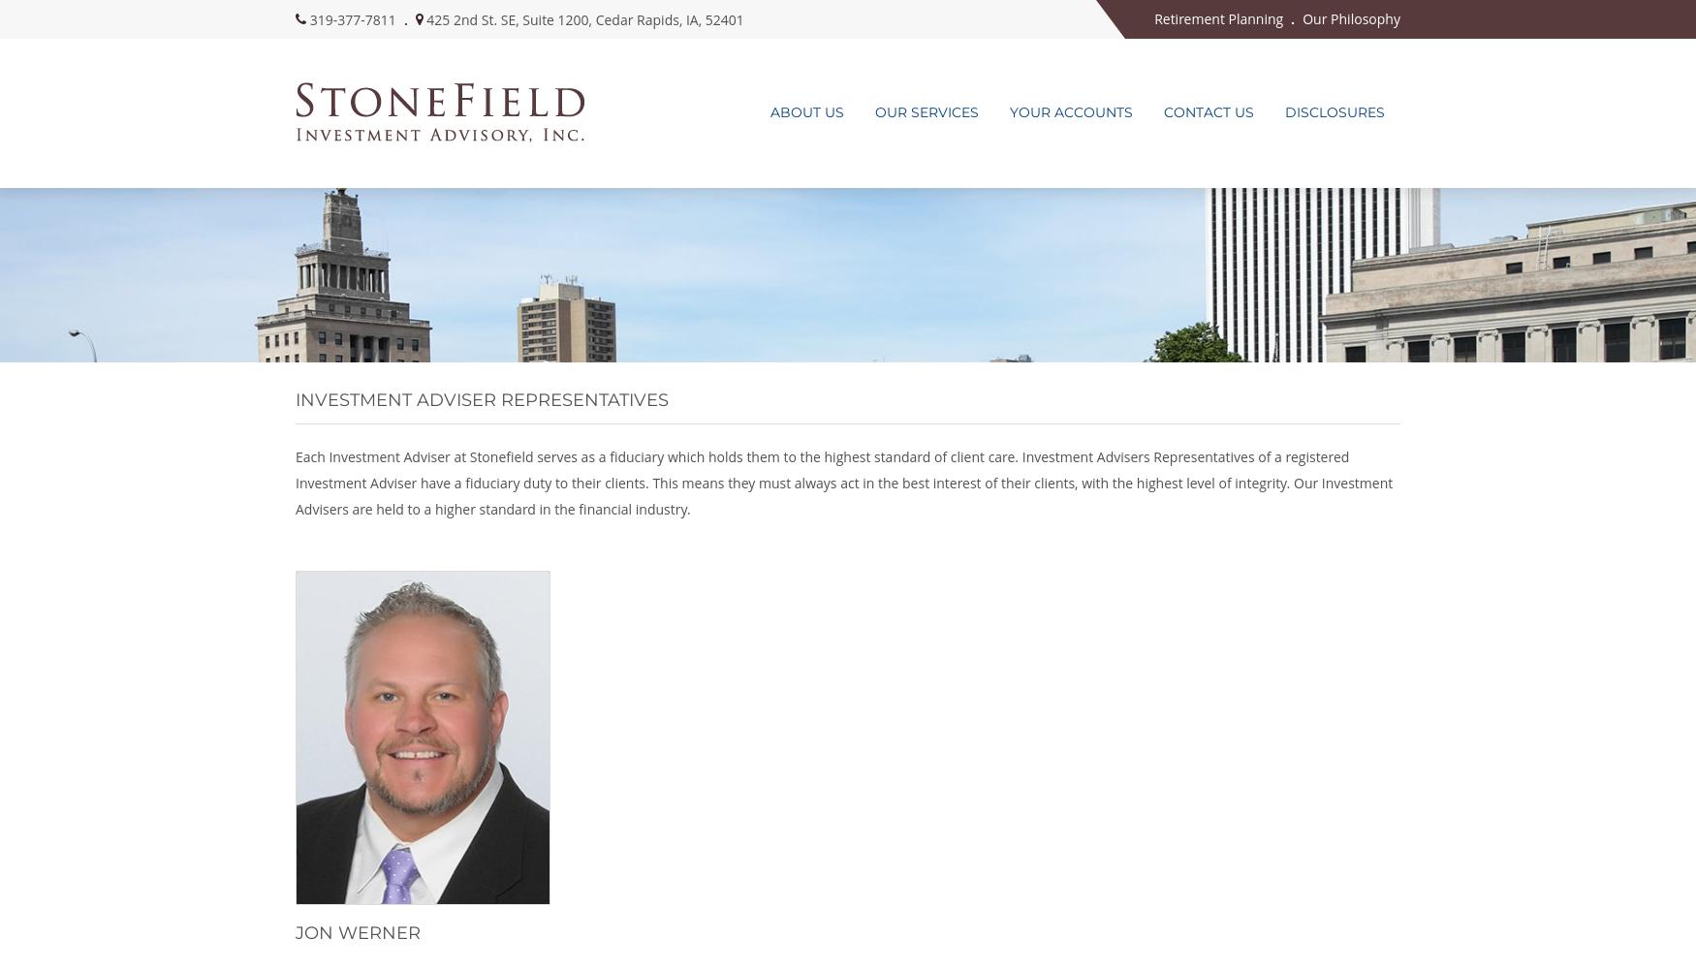  Describe the element at coordinates (309, 18) in the screenshot. I see `'319-377-7811'` at that location.